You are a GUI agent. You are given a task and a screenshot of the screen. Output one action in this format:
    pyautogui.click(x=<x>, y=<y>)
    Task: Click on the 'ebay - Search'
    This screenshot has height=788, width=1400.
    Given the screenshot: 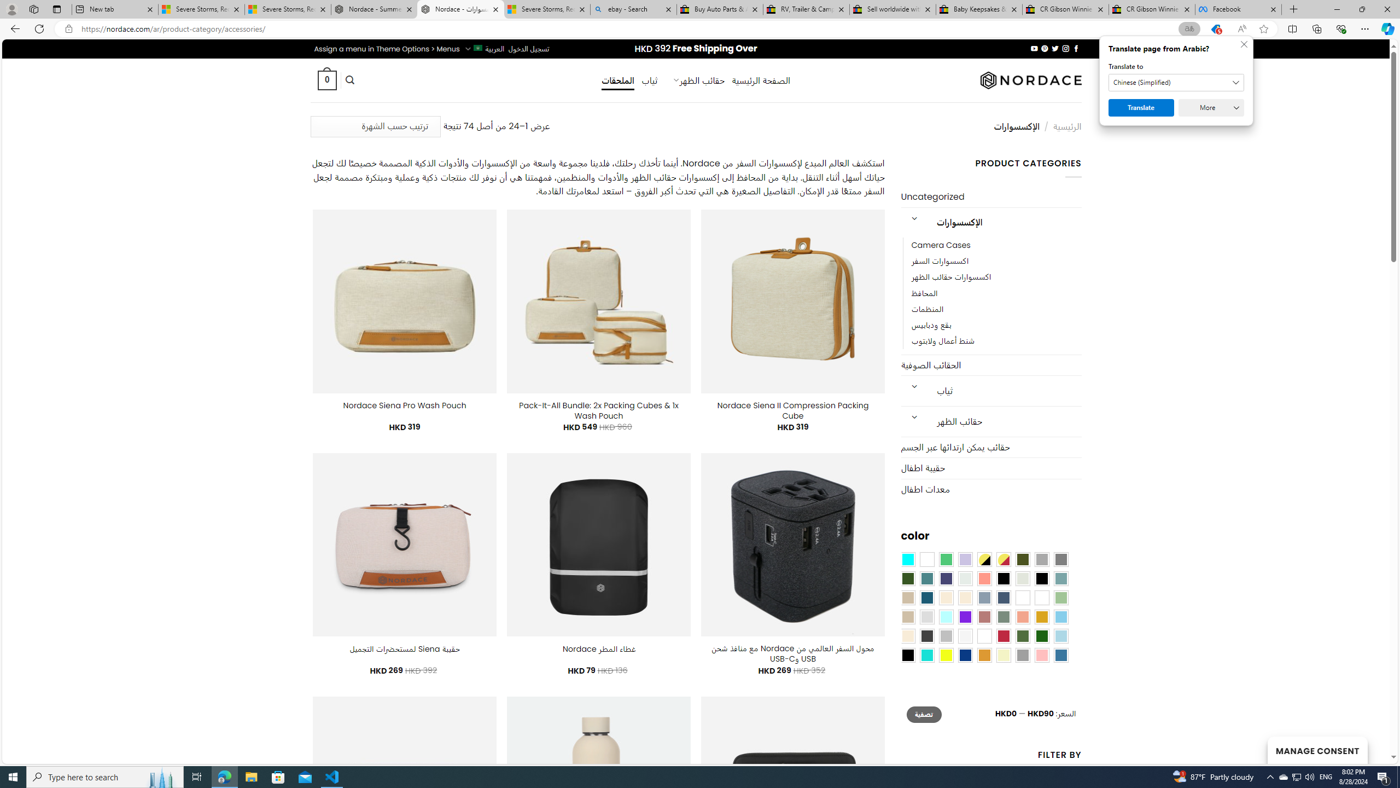 What is the action you would take?
    pyautogui.click(x=633, y=9)
    